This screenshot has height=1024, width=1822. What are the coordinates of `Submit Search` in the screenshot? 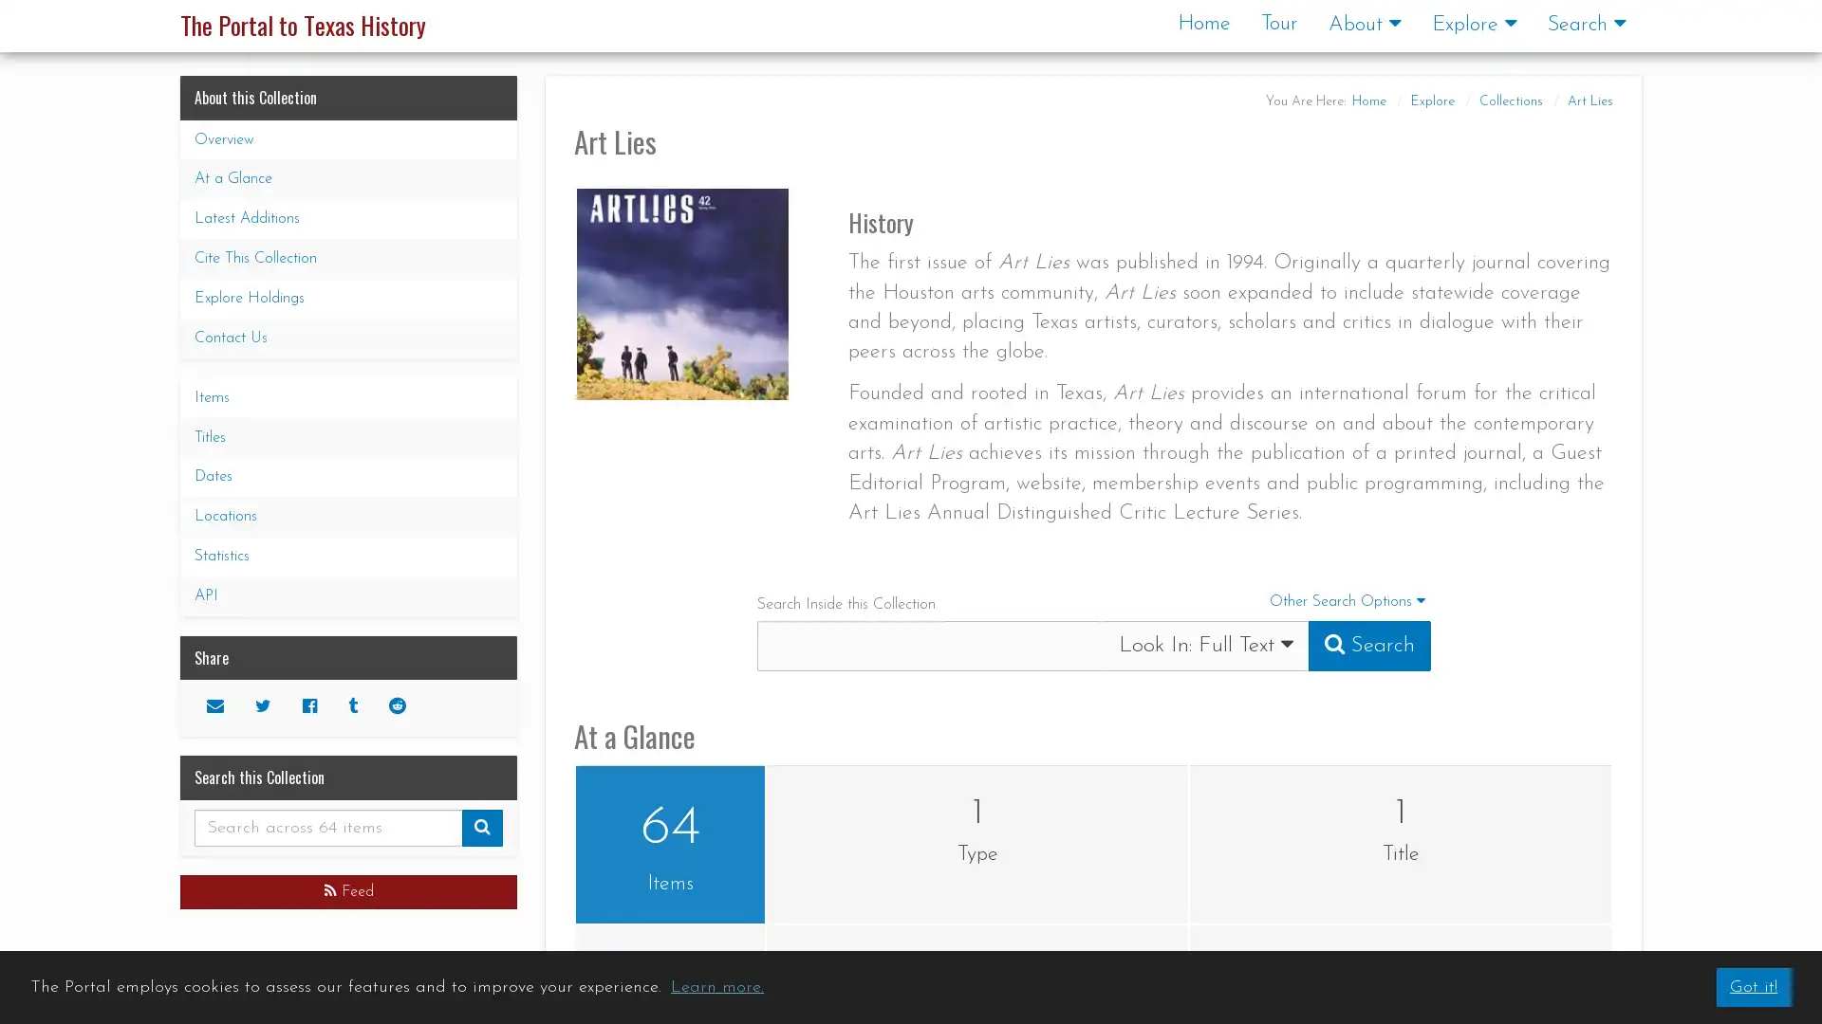 It's located at (482, 826).